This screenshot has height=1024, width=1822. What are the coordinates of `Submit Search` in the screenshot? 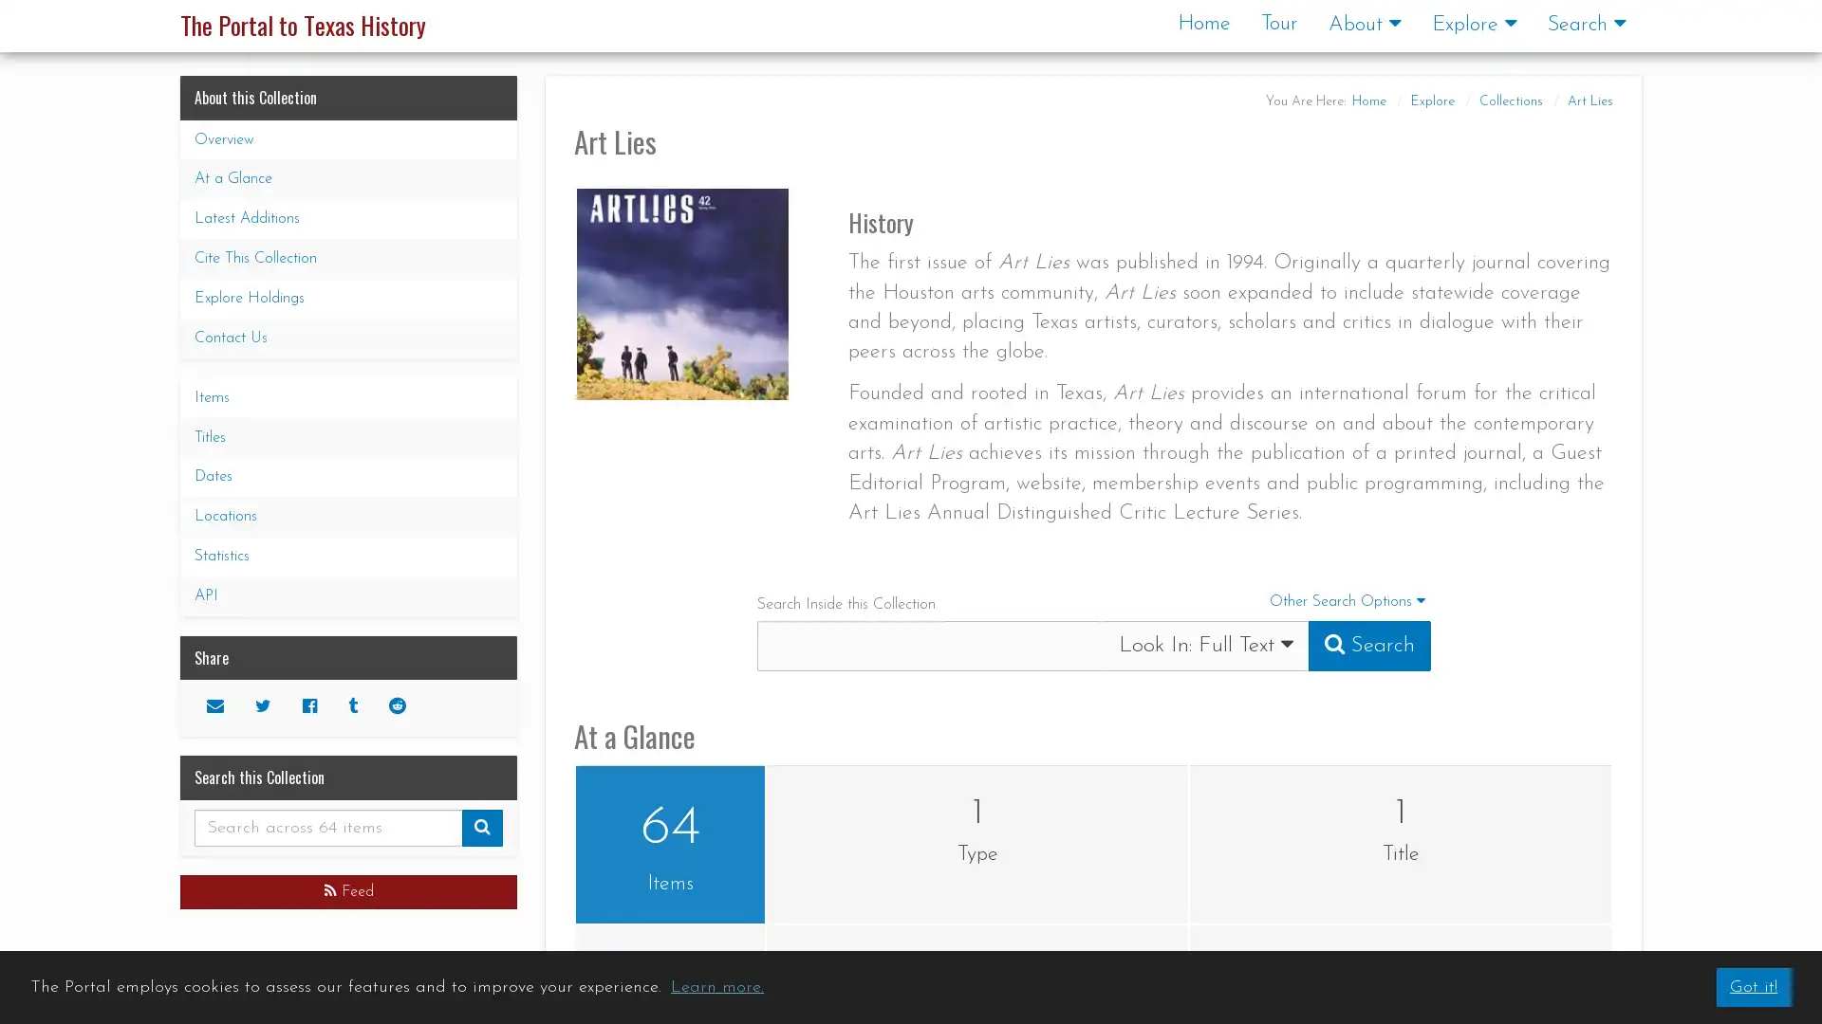 It's located at (482, 826).